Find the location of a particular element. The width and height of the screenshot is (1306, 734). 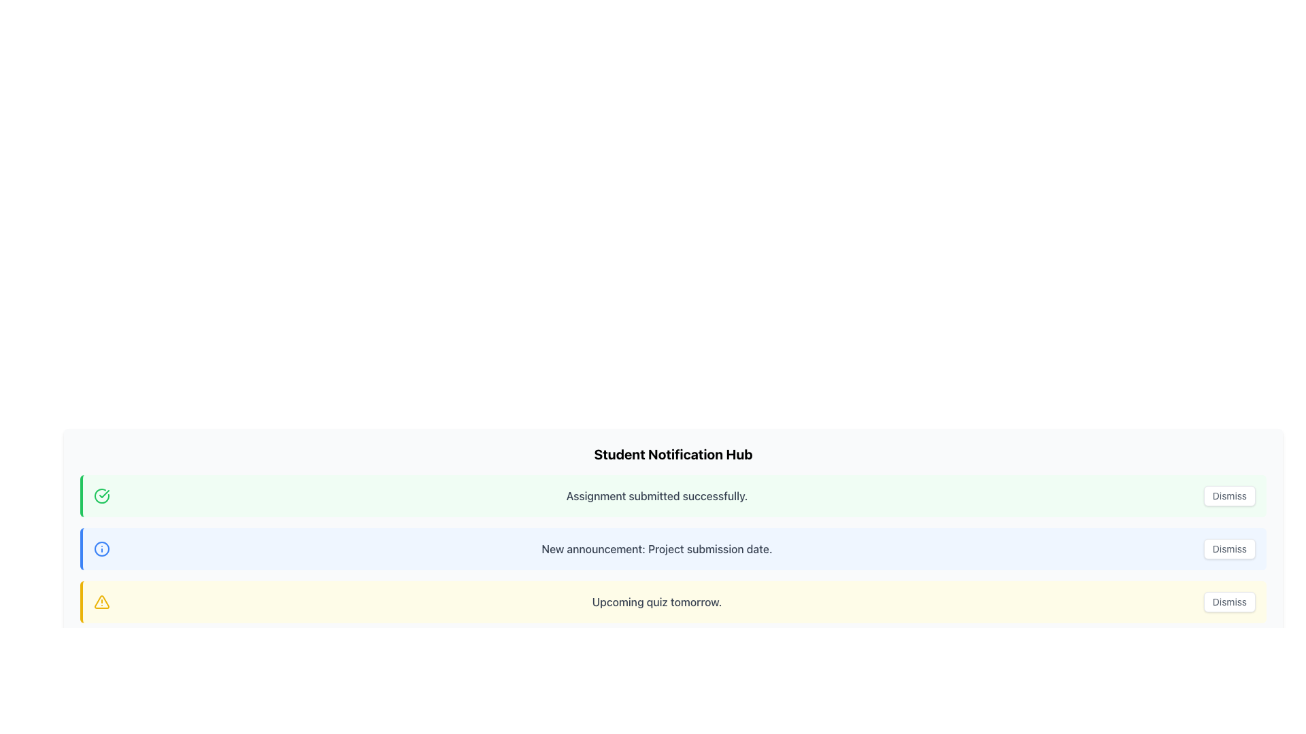

the yellow warning triangle icon with an exclamation mark, located in the notification bar, next to the text 'Upcoming quiz tomorrow.' is located at coordinates (101, 601).